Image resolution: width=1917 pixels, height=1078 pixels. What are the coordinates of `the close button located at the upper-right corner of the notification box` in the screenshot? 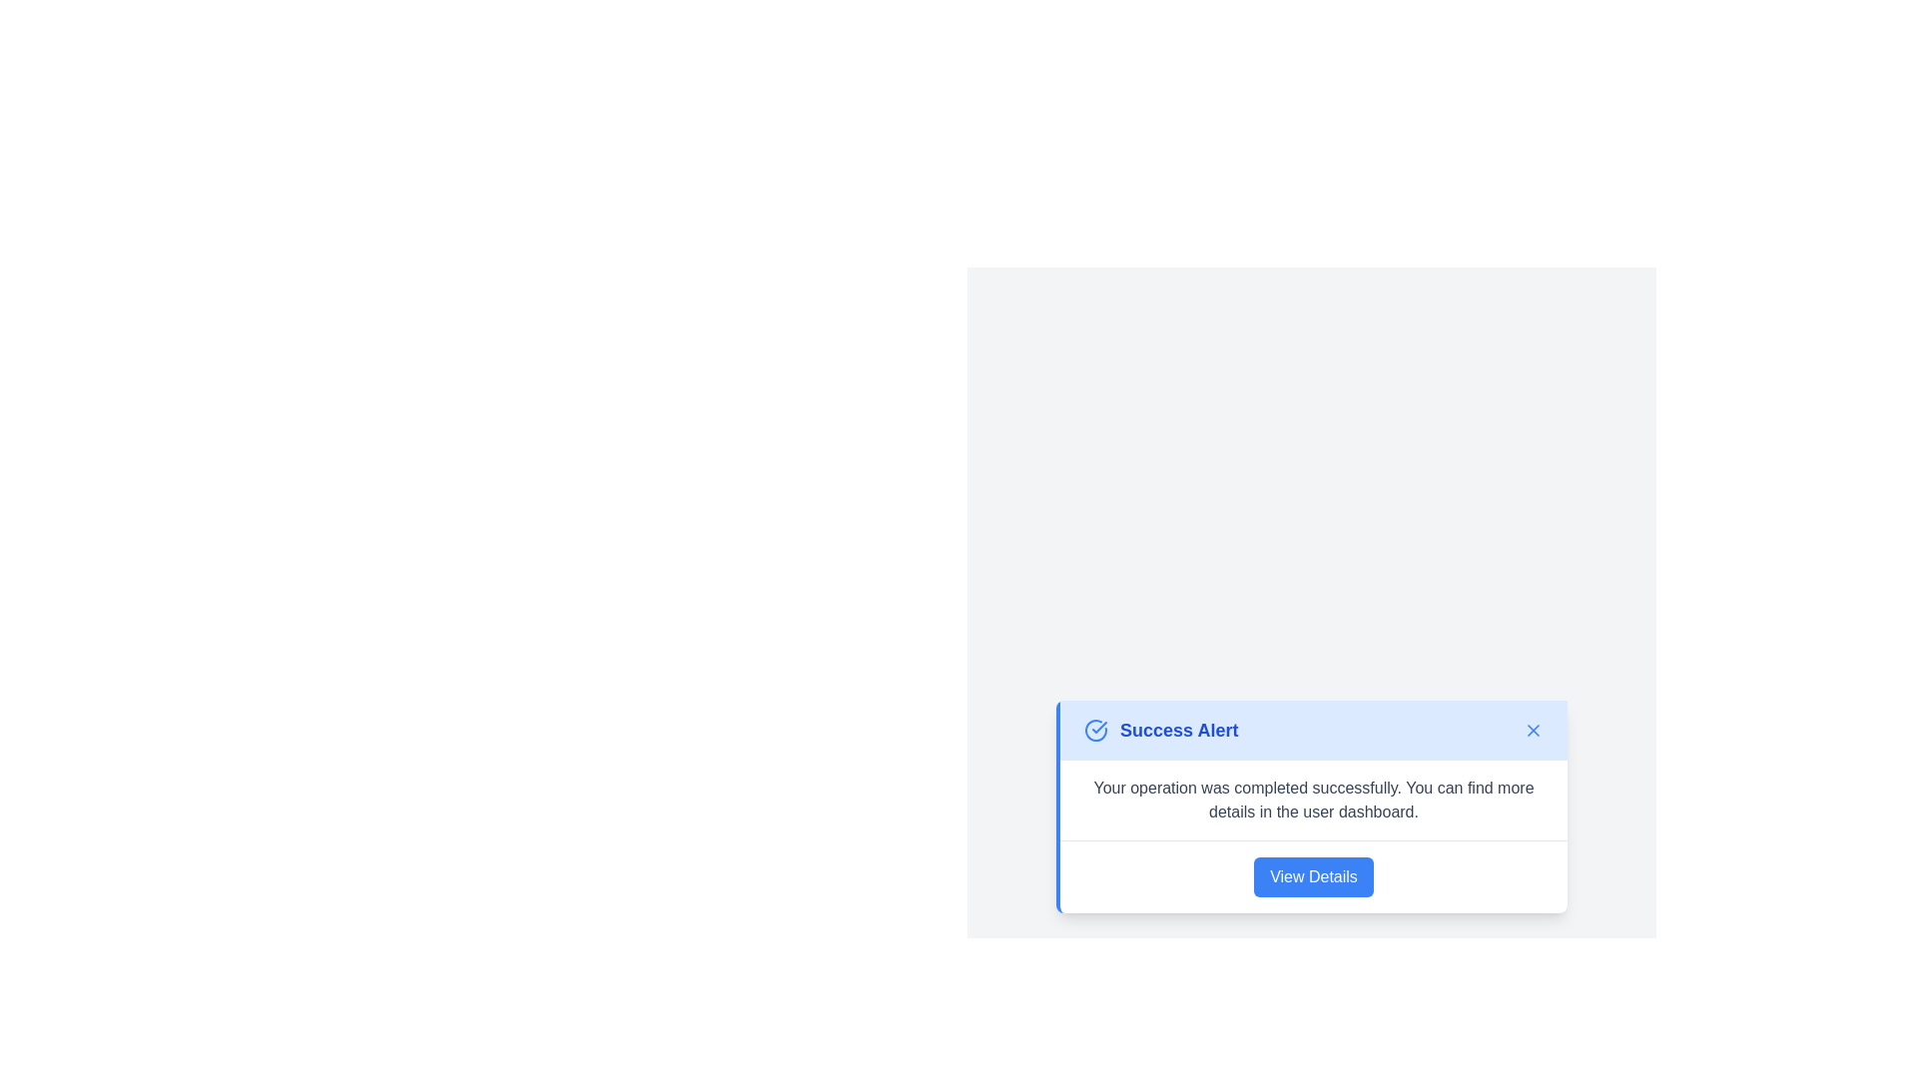 It's located at (1533, 730).